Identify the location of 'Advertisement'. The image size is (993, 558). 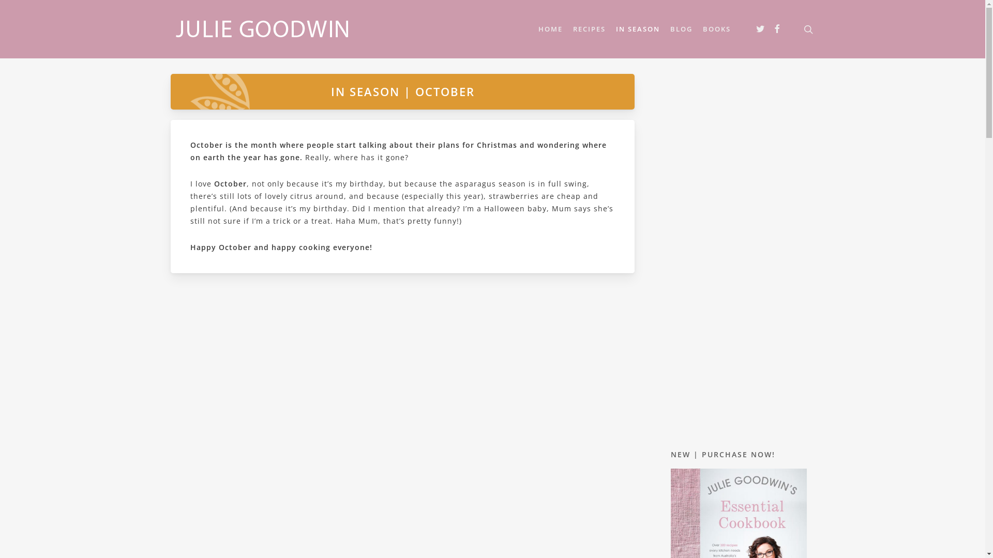
(738, 253).